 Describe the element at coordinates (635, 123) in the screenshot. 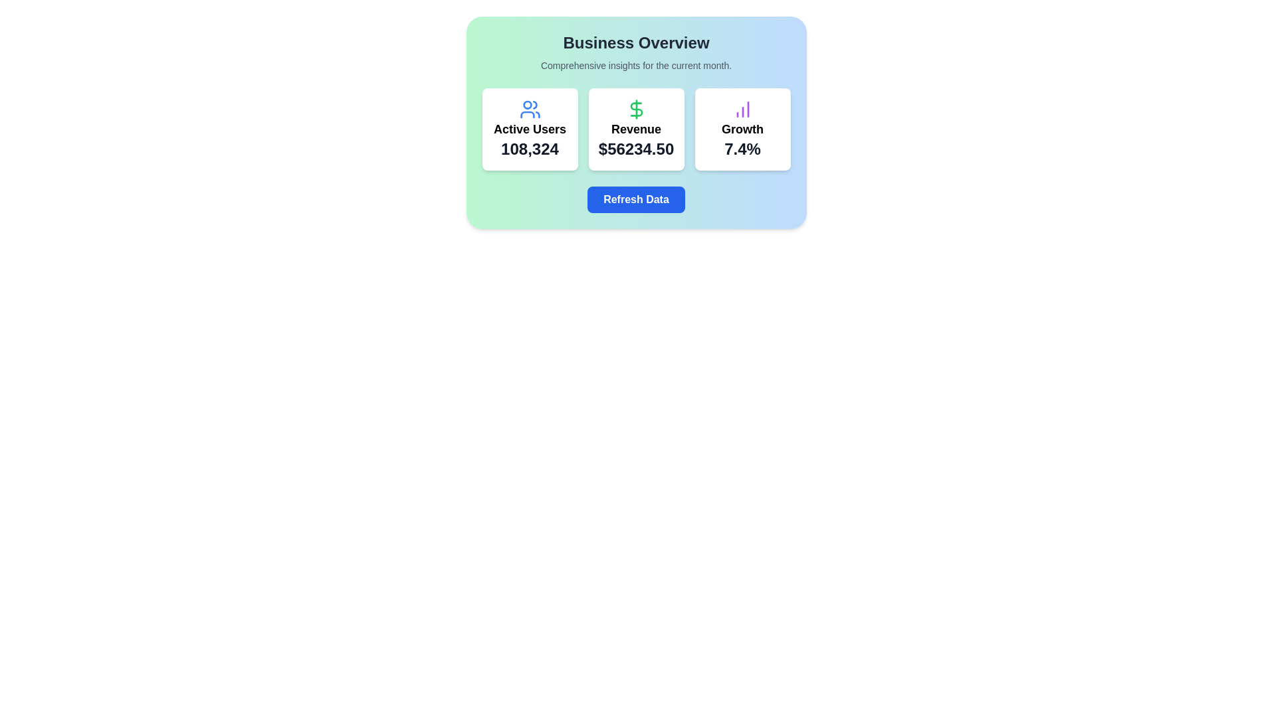

I see `the Informational card in the dashboard view` at that location.